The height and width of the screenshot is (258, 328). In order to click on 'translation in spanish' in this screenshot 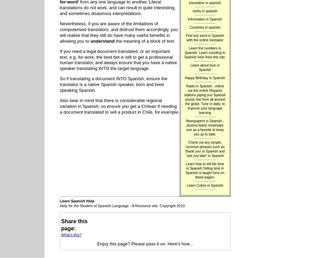, I will do `click(205, 2)`.